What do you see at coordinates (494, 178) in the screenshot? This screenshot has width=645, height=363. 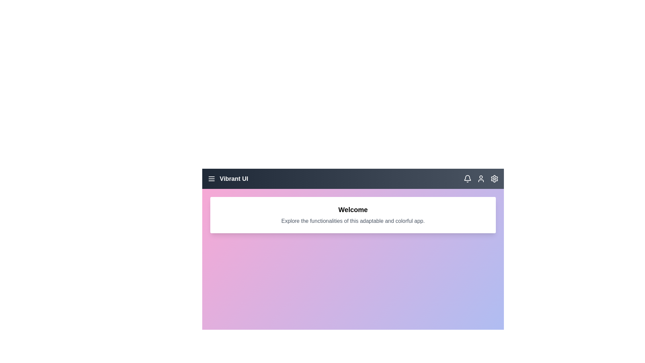 I see `the settings icon in the app bar` at bounding box center [494, 178].